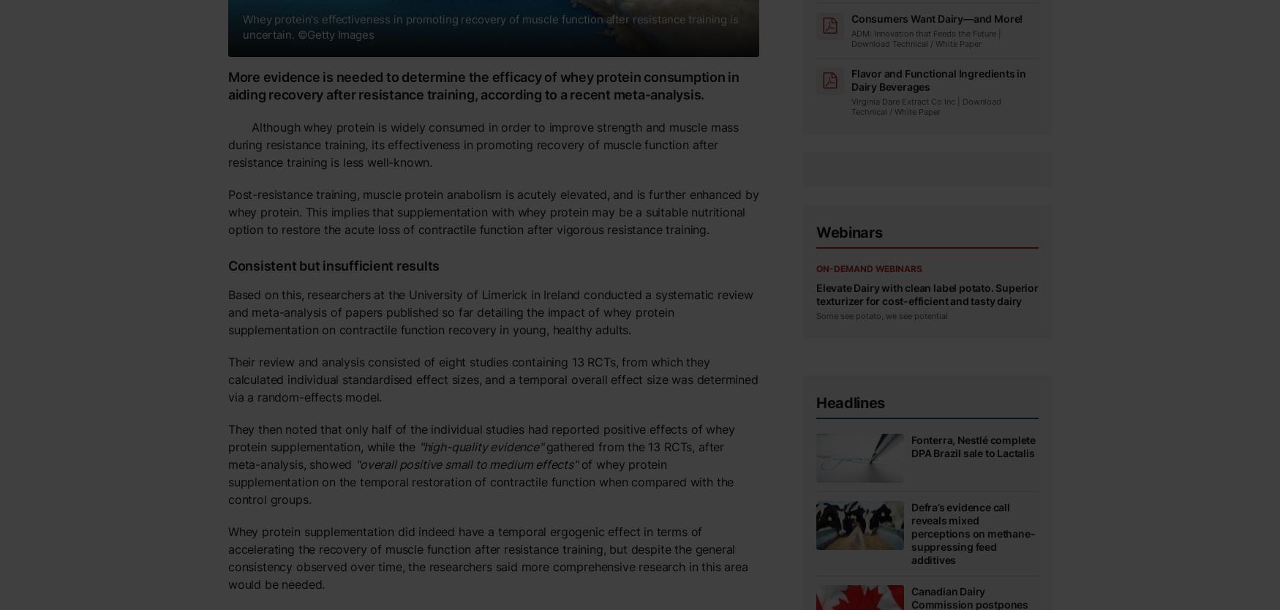  What do you see at coordinates (911, 533) in the screenshot?
I see `'Defra’s evidence call reveals mixed perceptions on methane-suppressing feed additives'` at bounding box center [911, 533].